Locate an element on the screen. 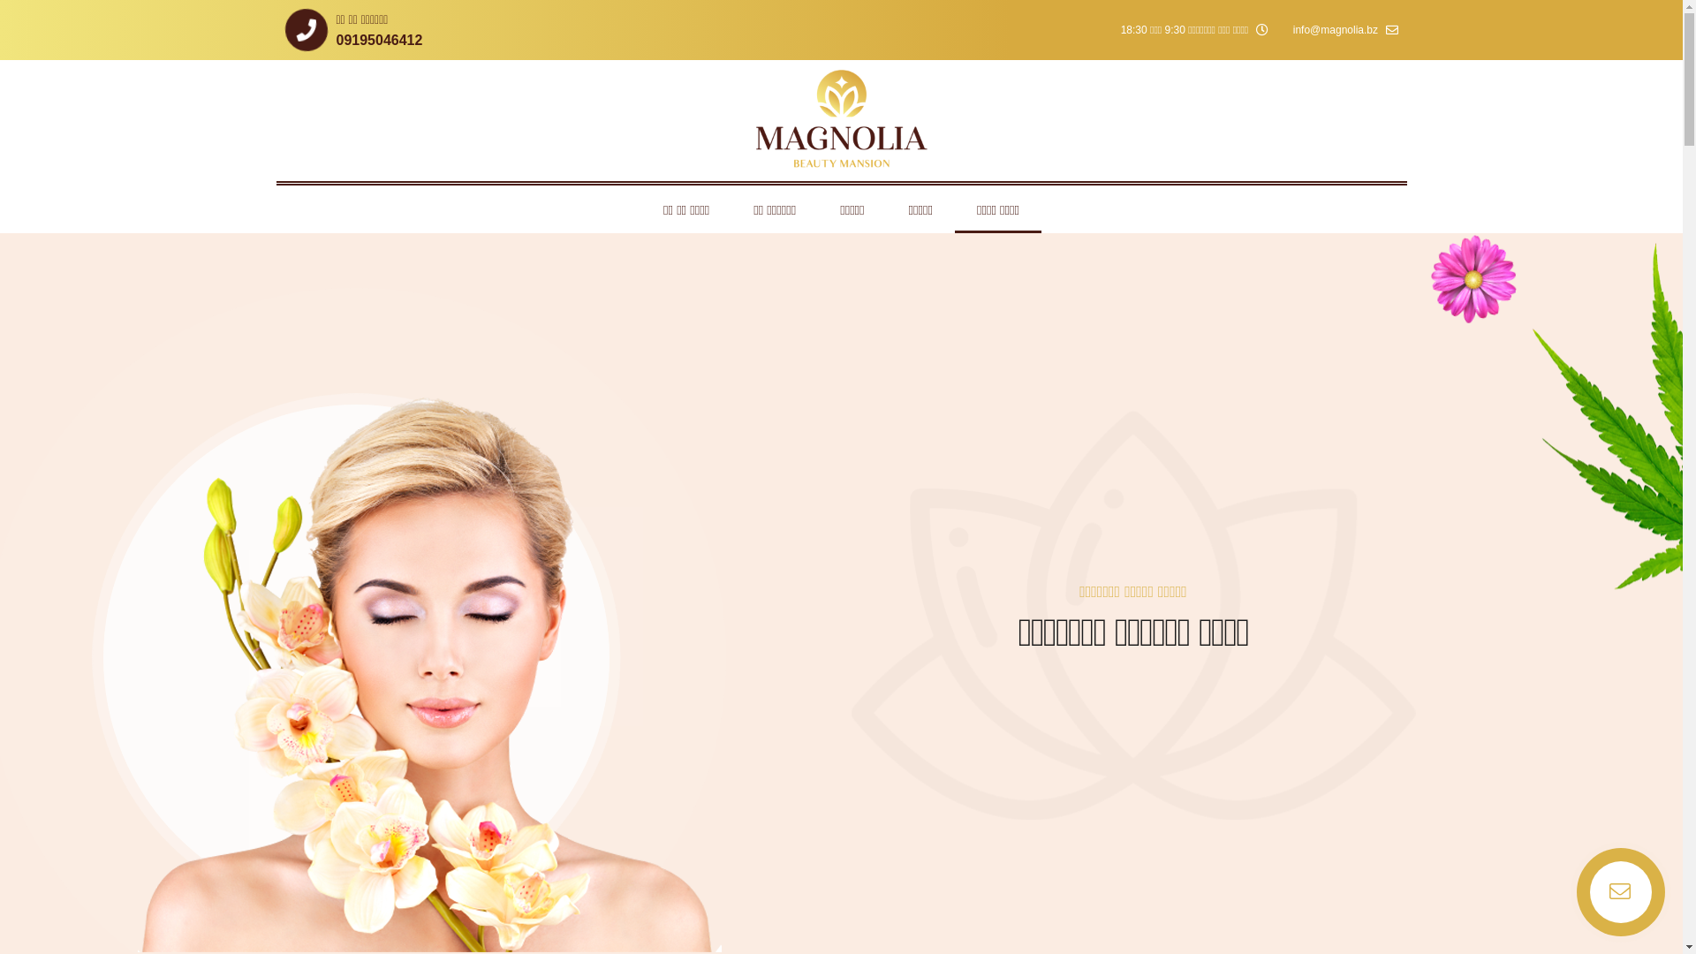 The width and height of the screenshot is (1696, 954). 'info@magnolia.bz' is located at coordinates (1344, 30).